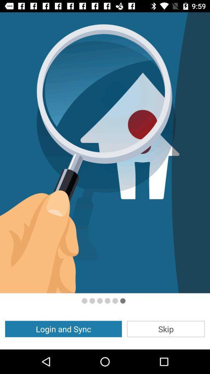  Describe the element at coordinates (165, 328) in the screenshot. I see `the app to the right of the login and sync icon` at that location.